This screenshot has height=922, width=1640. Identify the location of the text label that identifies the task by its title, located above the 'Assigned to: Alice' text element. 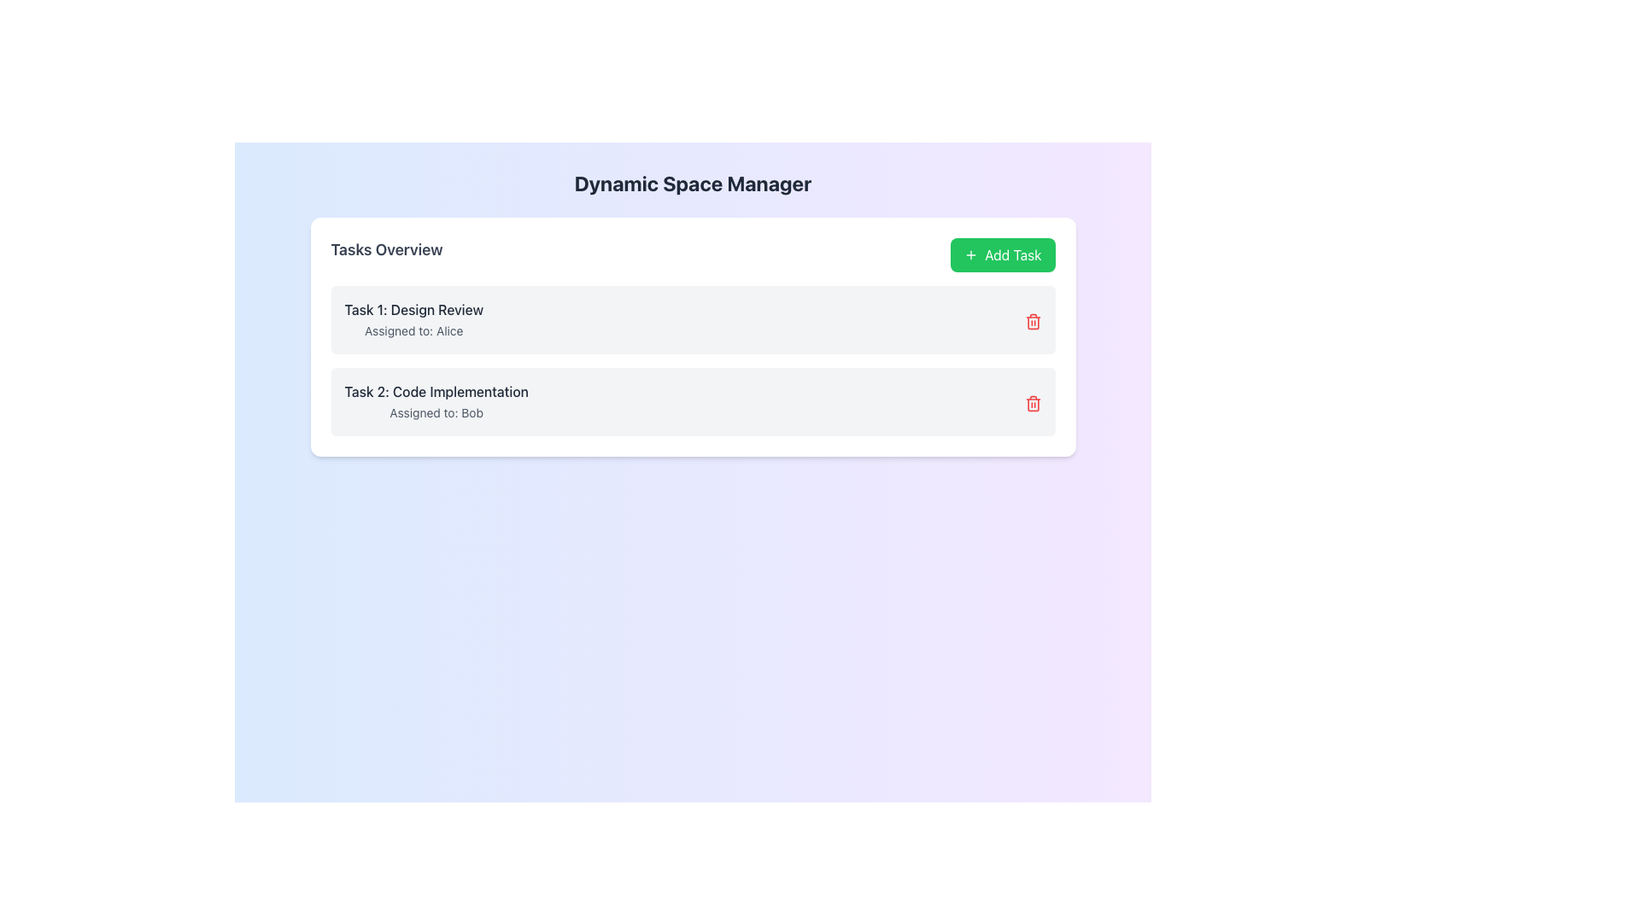
(413, 309).